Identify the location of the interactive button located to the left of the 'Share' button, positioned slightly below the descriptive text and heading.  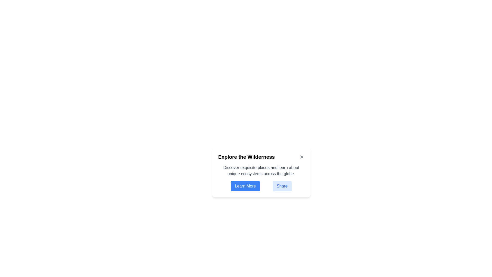
(245, 186).